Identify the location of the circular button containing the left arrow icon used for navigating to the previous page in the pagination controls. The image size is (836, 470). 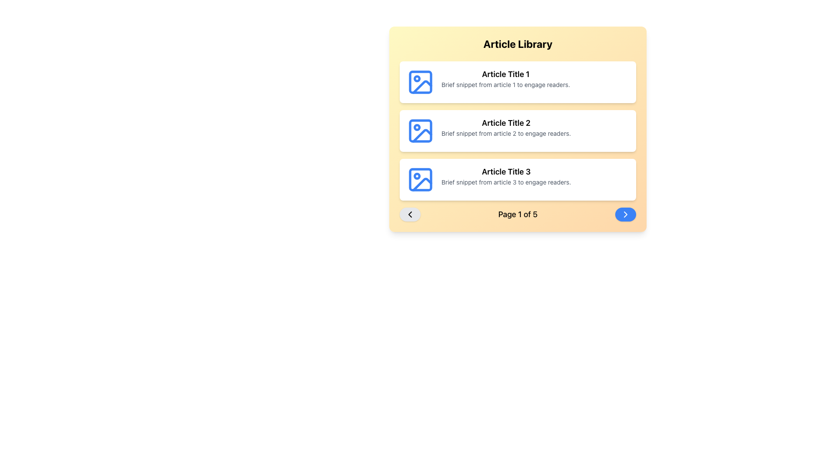
(409, 215).